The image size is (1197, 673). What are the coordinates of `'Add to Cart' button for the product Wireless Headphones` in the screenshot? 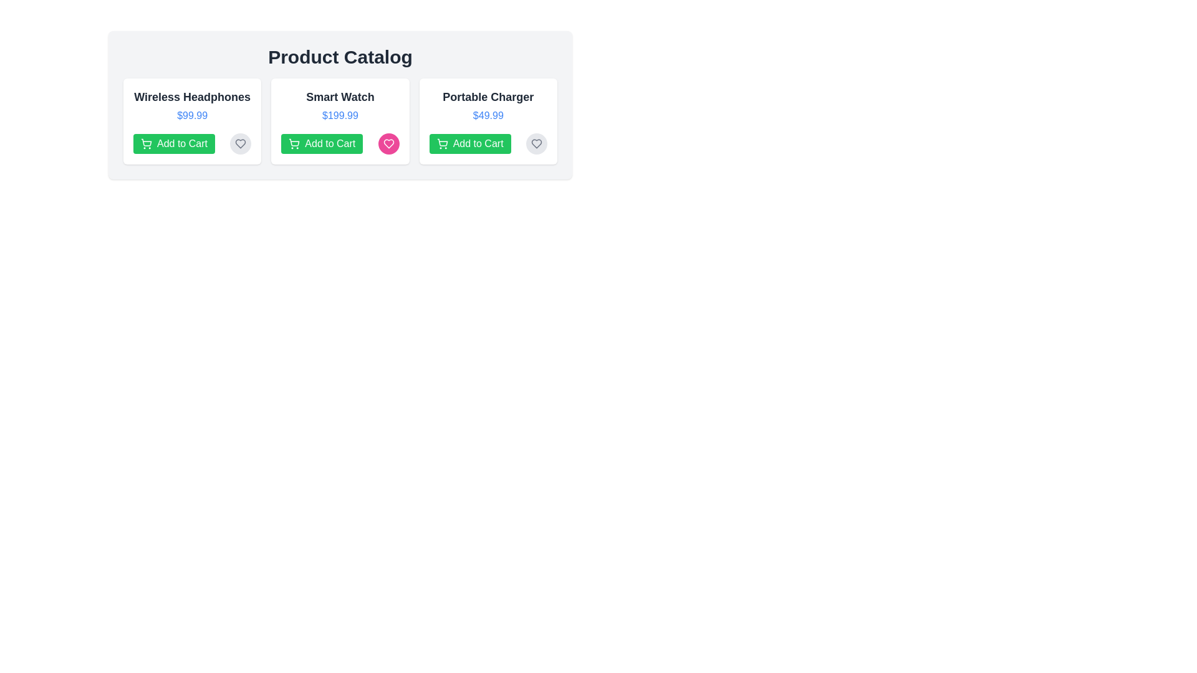 It's located at (173, 143).